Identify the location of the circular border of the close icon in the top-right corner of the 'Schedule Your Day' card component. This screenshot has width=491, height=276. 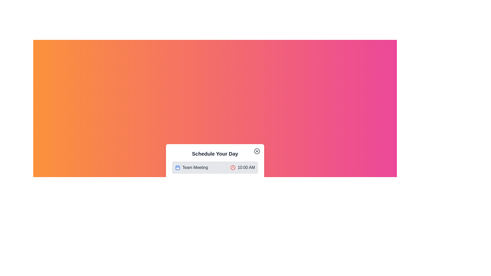
(257, 151).